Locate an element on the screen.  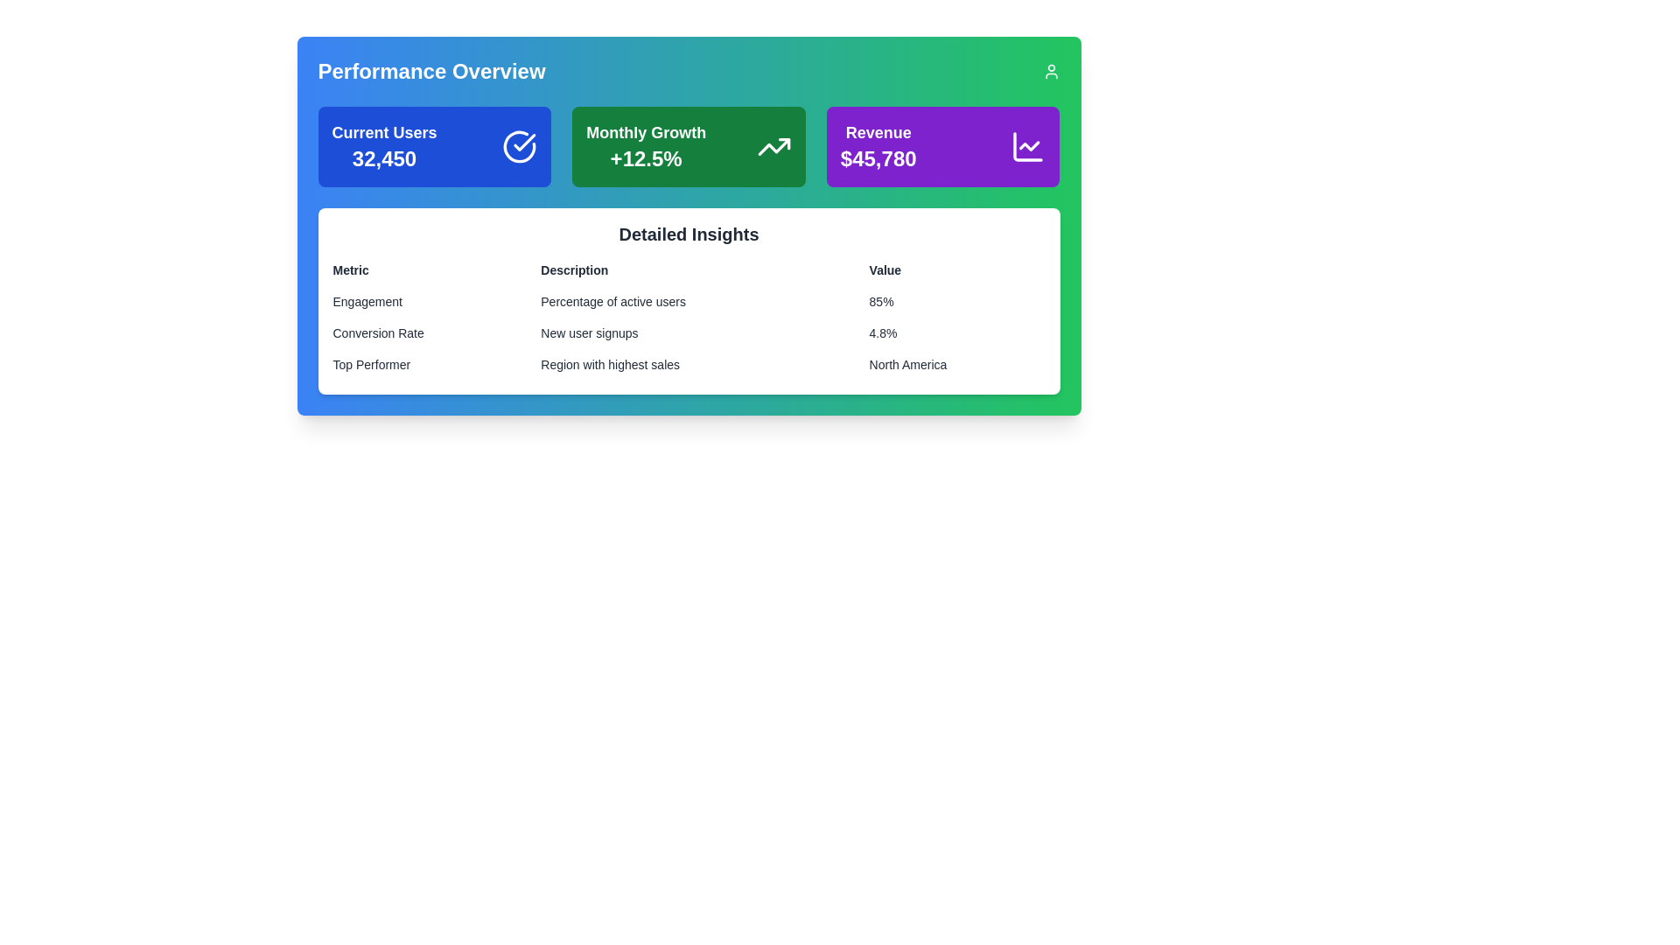
the Statistical indicator box labeled 'Revenue' which displays the monetary value '$45,780' and has a vibrant purple background is located at coordinates (878, 146).